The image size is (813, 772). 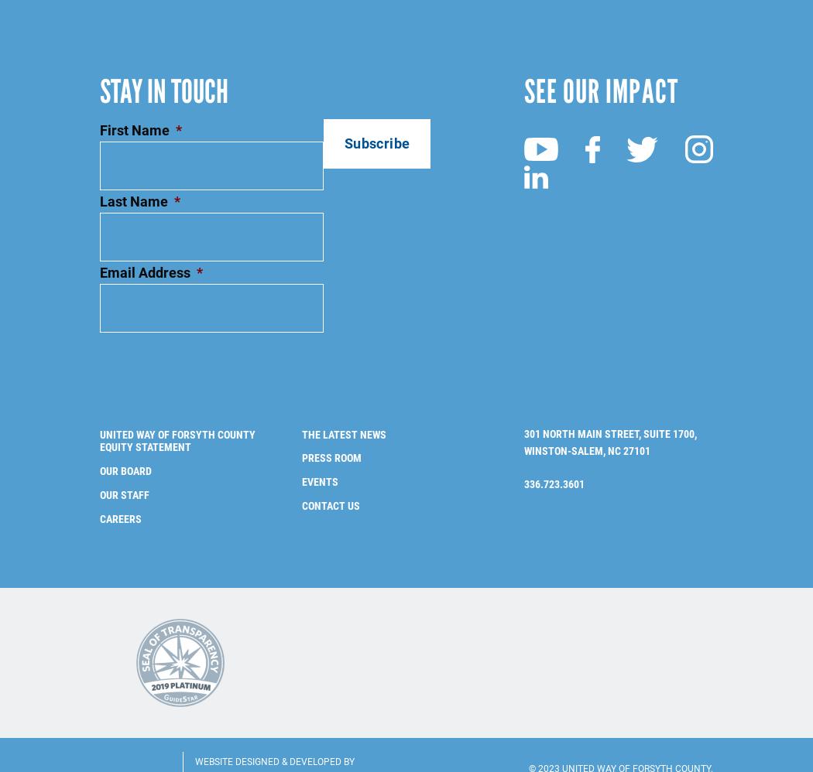 I want to click on 'Email Address', so click(x=145, y=246).